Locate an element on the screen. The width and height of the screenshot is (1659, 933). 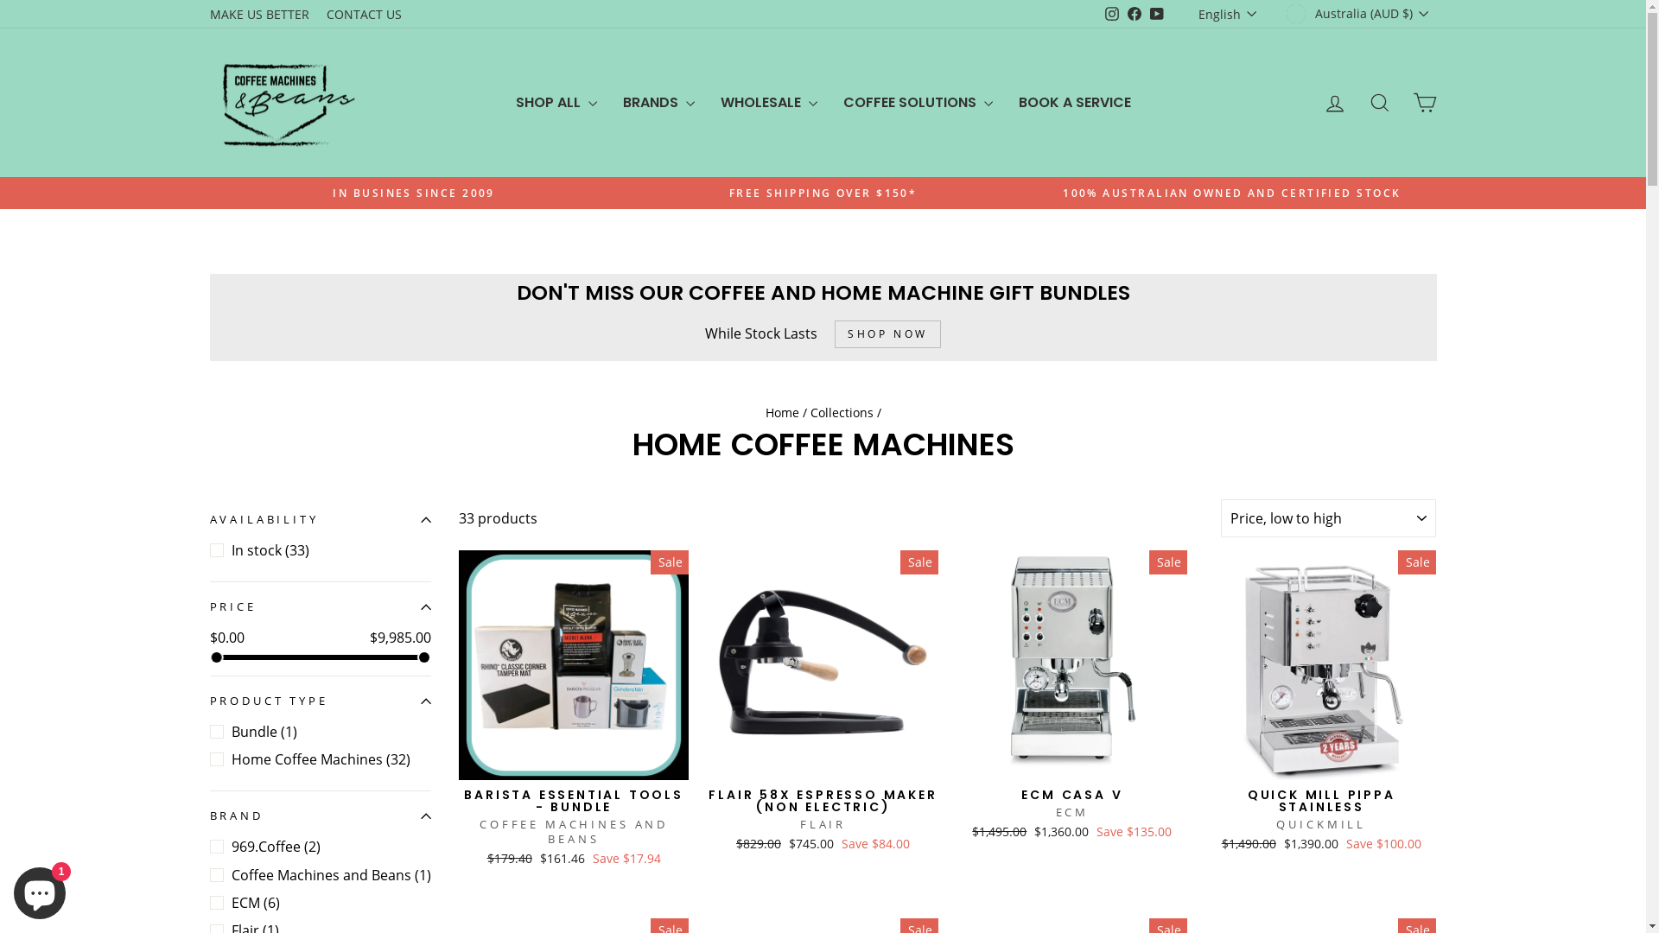
'MAKE US BETTER' is located at coordinates (257, 14).